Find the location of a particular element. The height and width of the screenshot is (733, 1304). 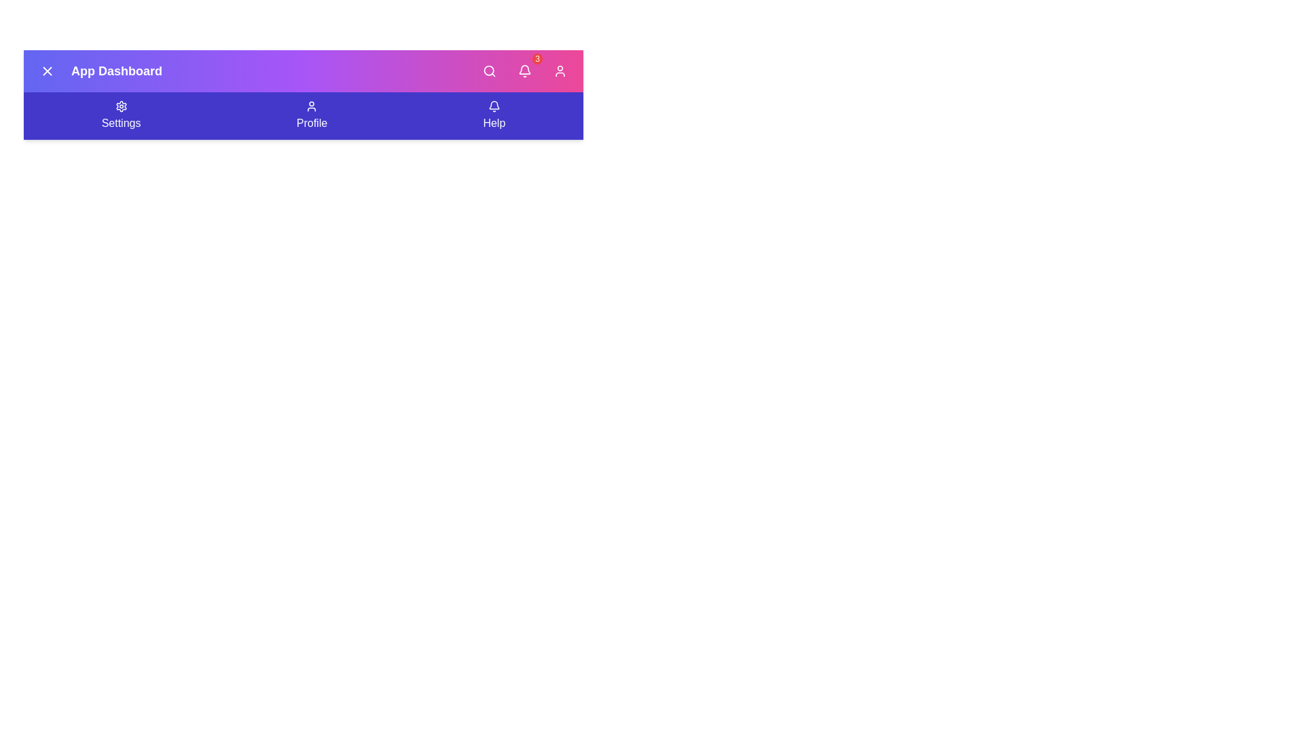

the 'User' button to access user profile options is located at coordinates (560, 71).